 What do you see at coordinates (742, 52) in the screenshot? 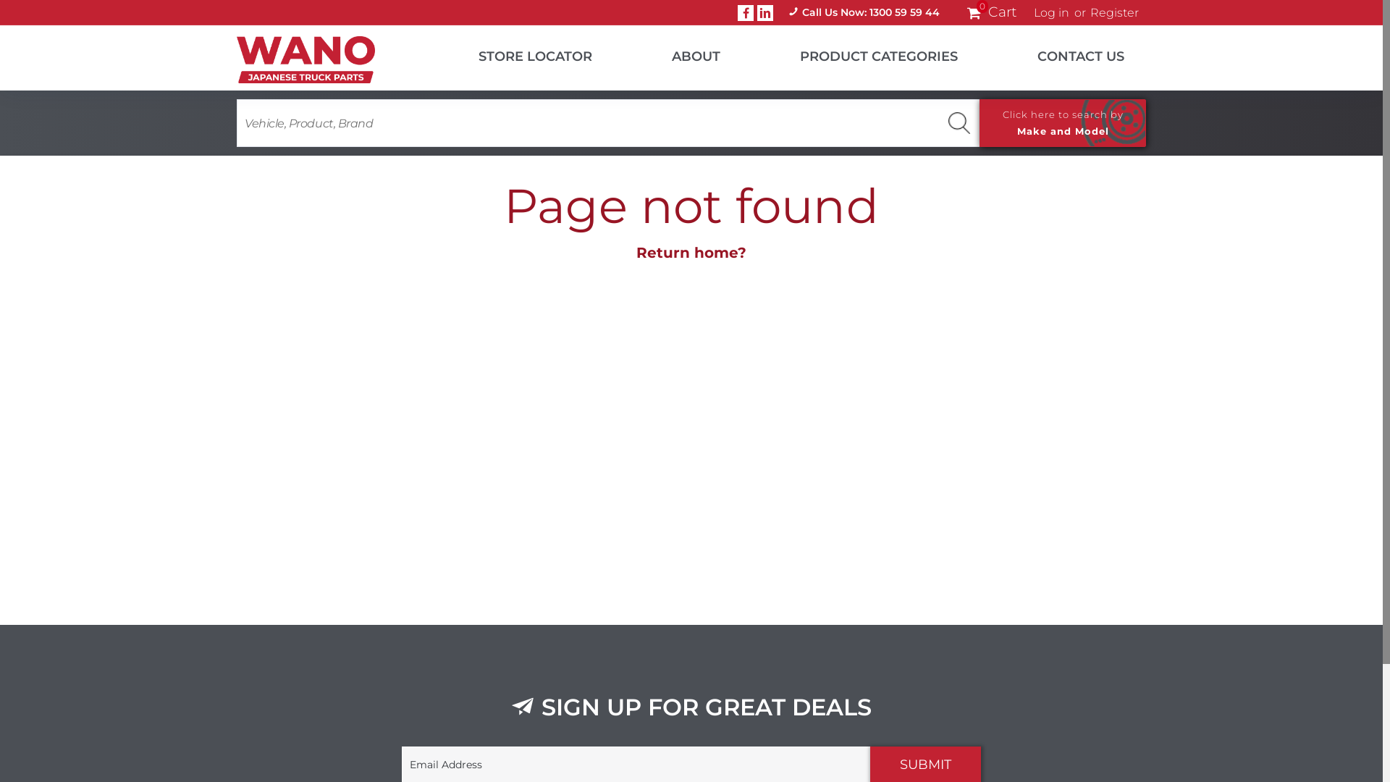
I see `'PRODUCT CATEGORIES'` at bounding box center [742, 52].